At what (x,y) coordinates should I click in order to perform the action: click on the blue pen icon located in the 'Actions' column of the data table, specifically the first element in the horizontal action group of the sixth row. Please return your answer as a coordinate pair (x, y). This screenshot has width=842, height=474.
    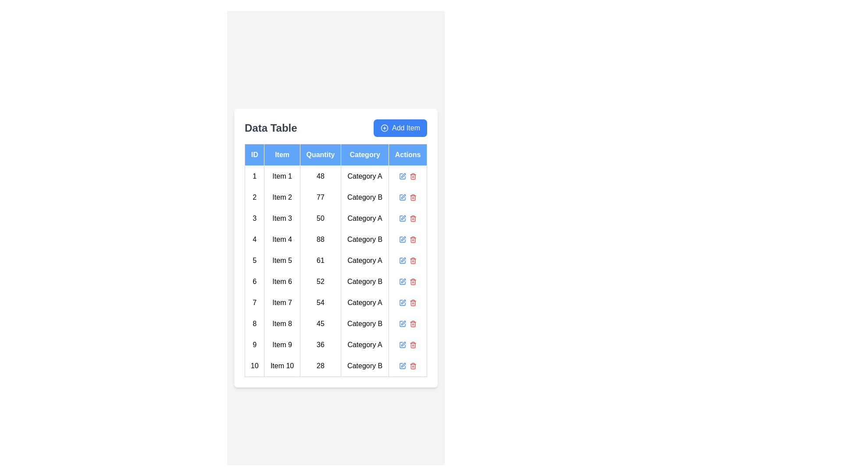
    Looking at the image, I should click on (402, 281).